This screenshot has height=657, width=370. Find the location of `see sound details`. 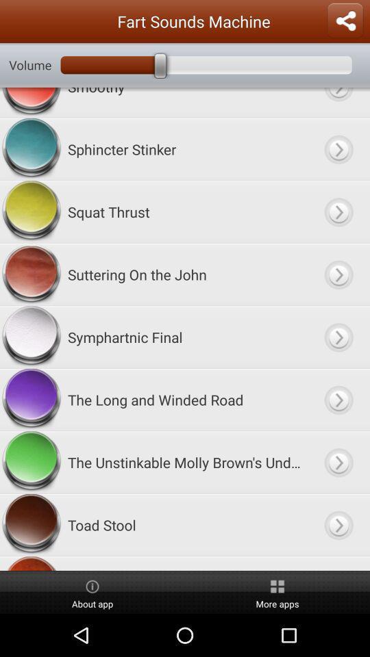

see sound details is located at coordinates (338, 211).